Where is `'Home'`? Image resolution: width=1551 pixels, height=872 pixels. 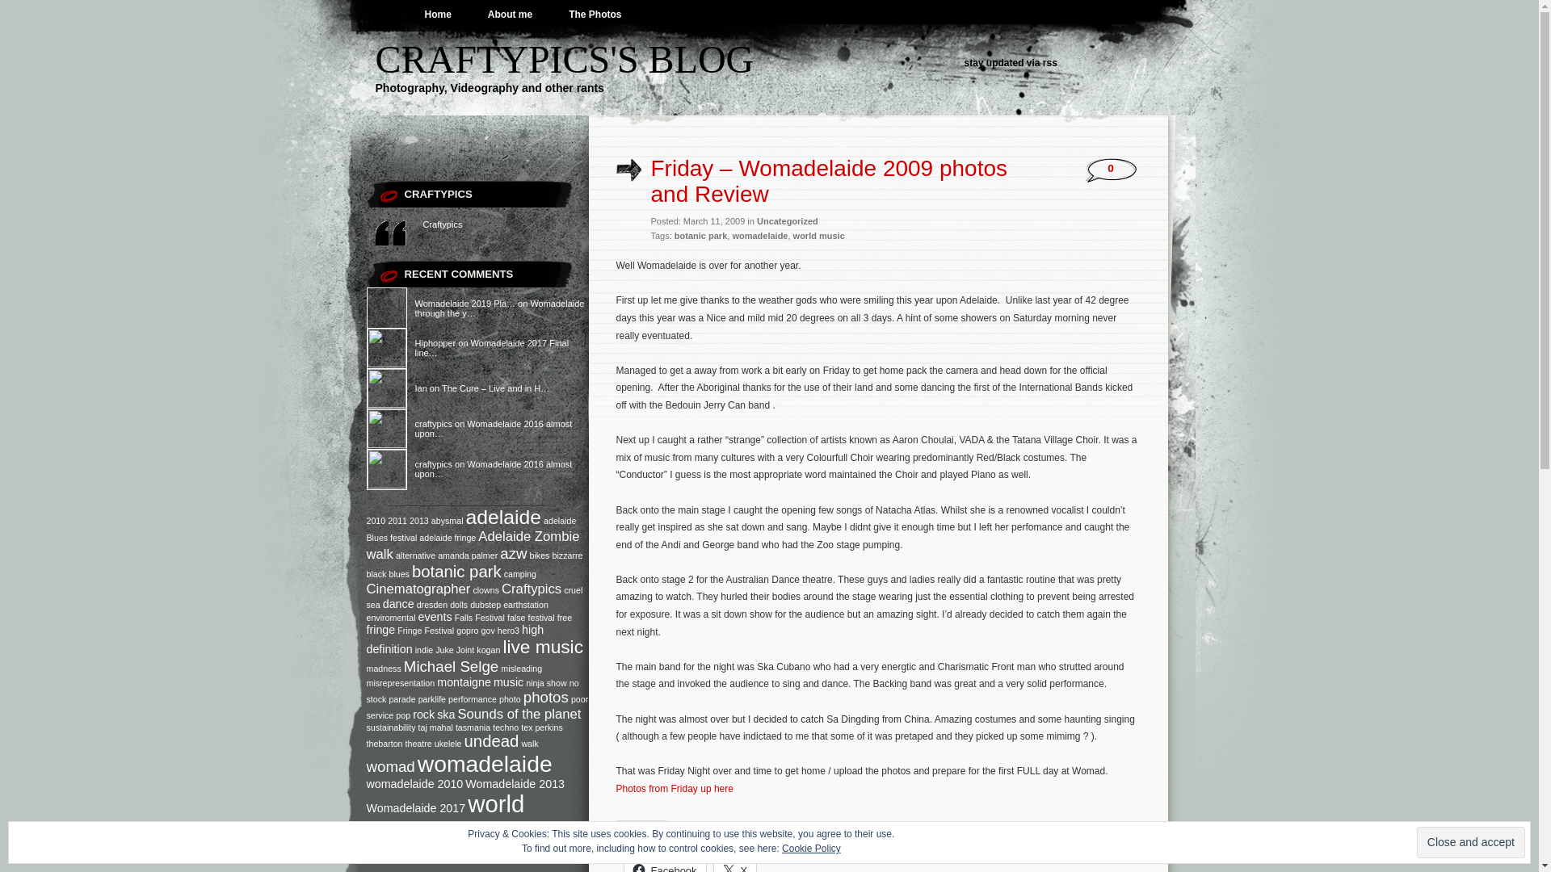 'Home' is located at coordinates (438, 15).